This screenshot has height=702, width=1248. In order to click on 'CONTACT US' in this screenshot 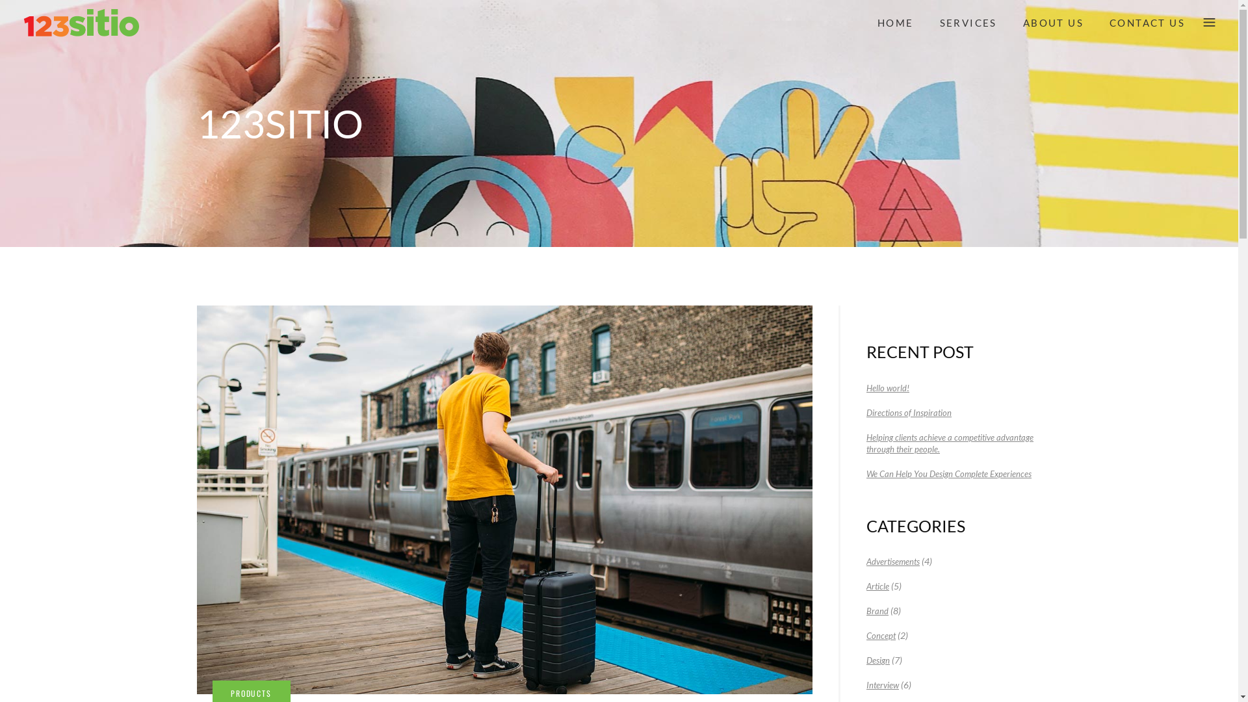, I will do `click(1147, 22)`.